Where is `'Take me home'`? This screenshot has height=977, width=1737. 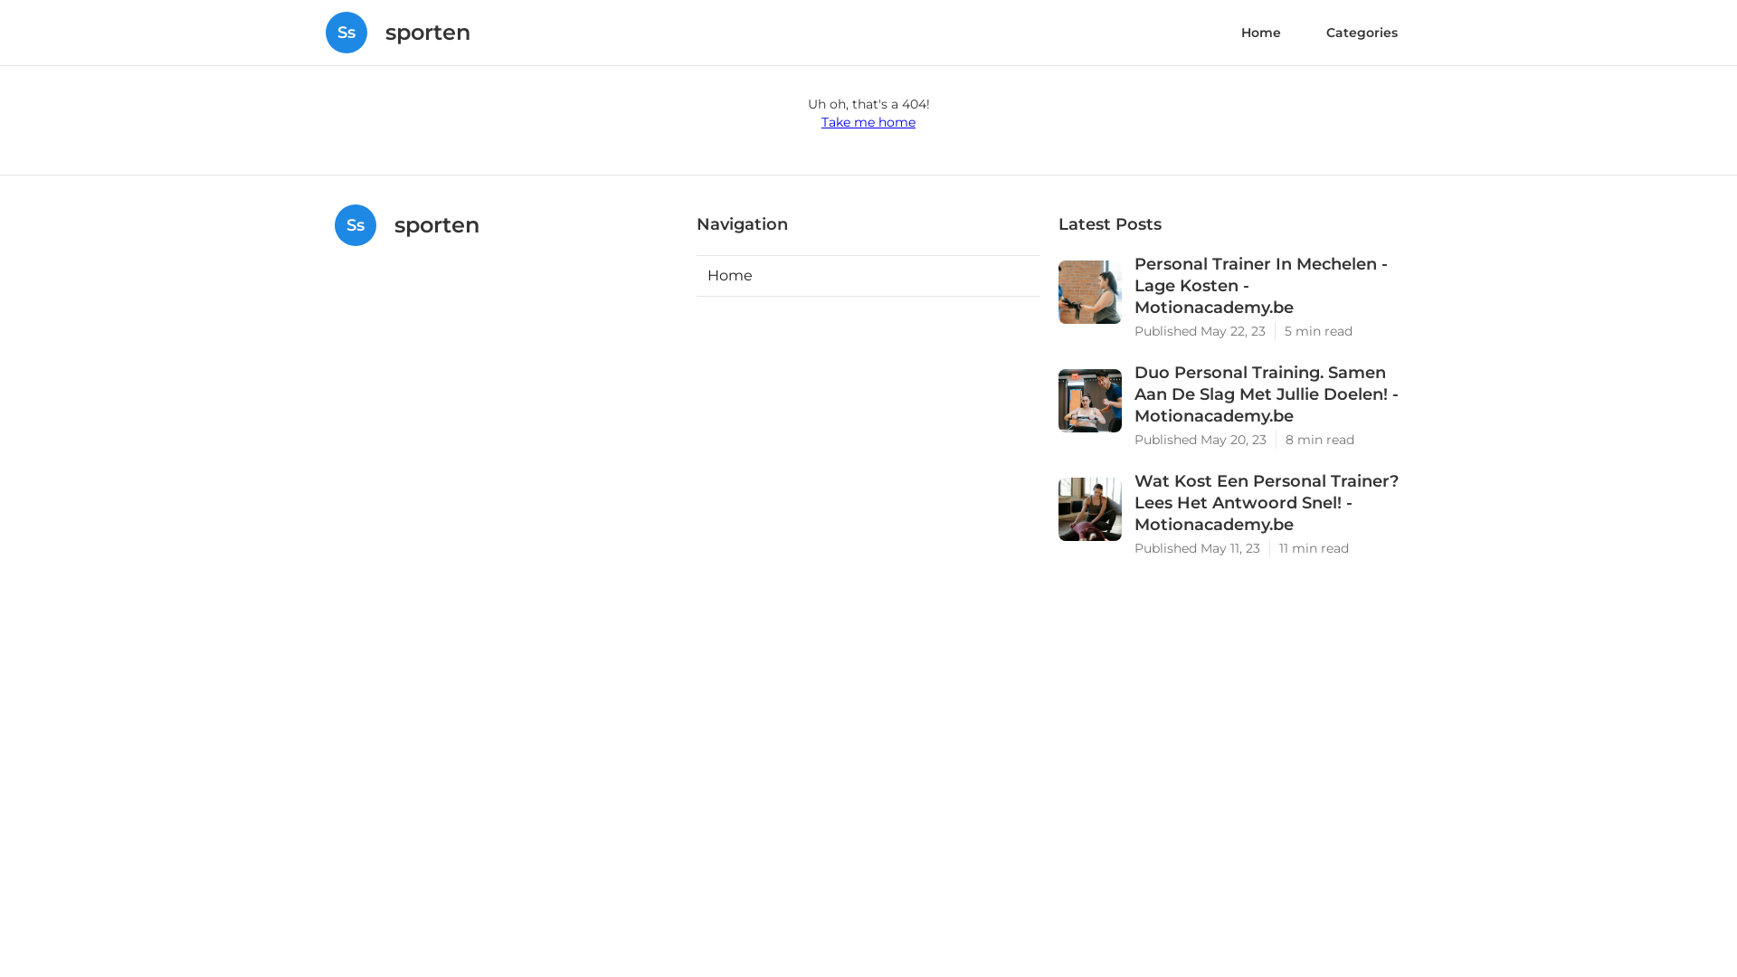
'Take me home' is located at coordinates (868, 122).